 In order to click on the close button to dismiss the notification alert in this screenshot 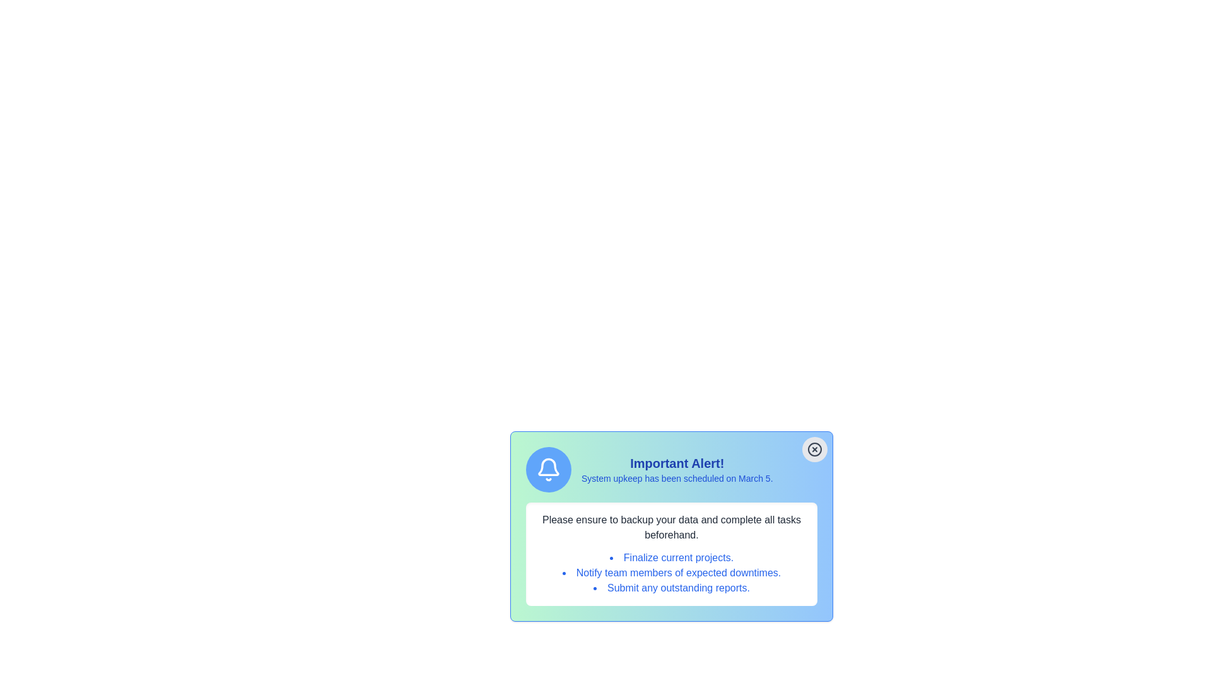, I will do `click(814, 449)`.